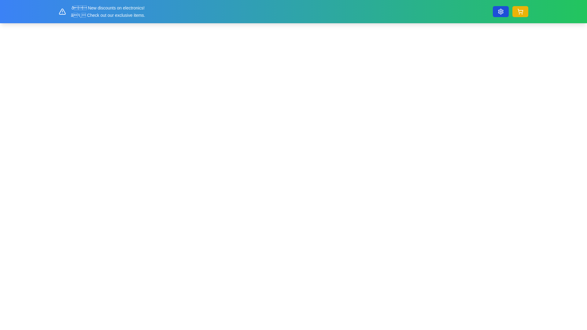 The image size is (587, 330). I want to click on promotional text located directly below the message '🔔 New discounts on electronics!' in the top-left region of the interface, so click(108, 15).